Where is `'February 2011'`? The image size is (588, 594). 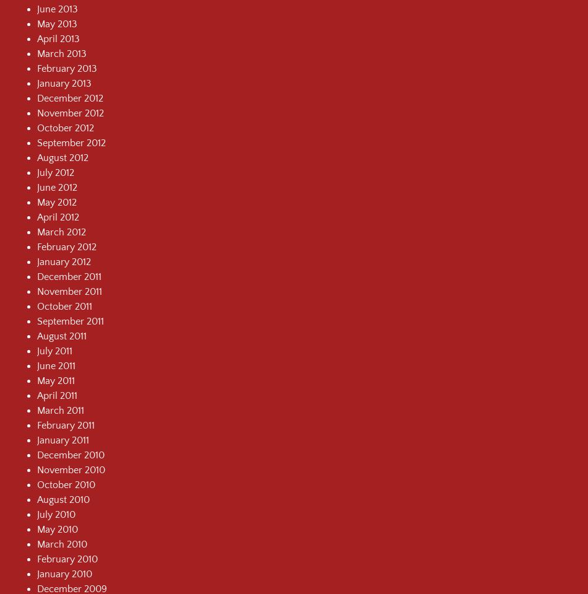 'February 2011' is located at coordinates (66, 424).